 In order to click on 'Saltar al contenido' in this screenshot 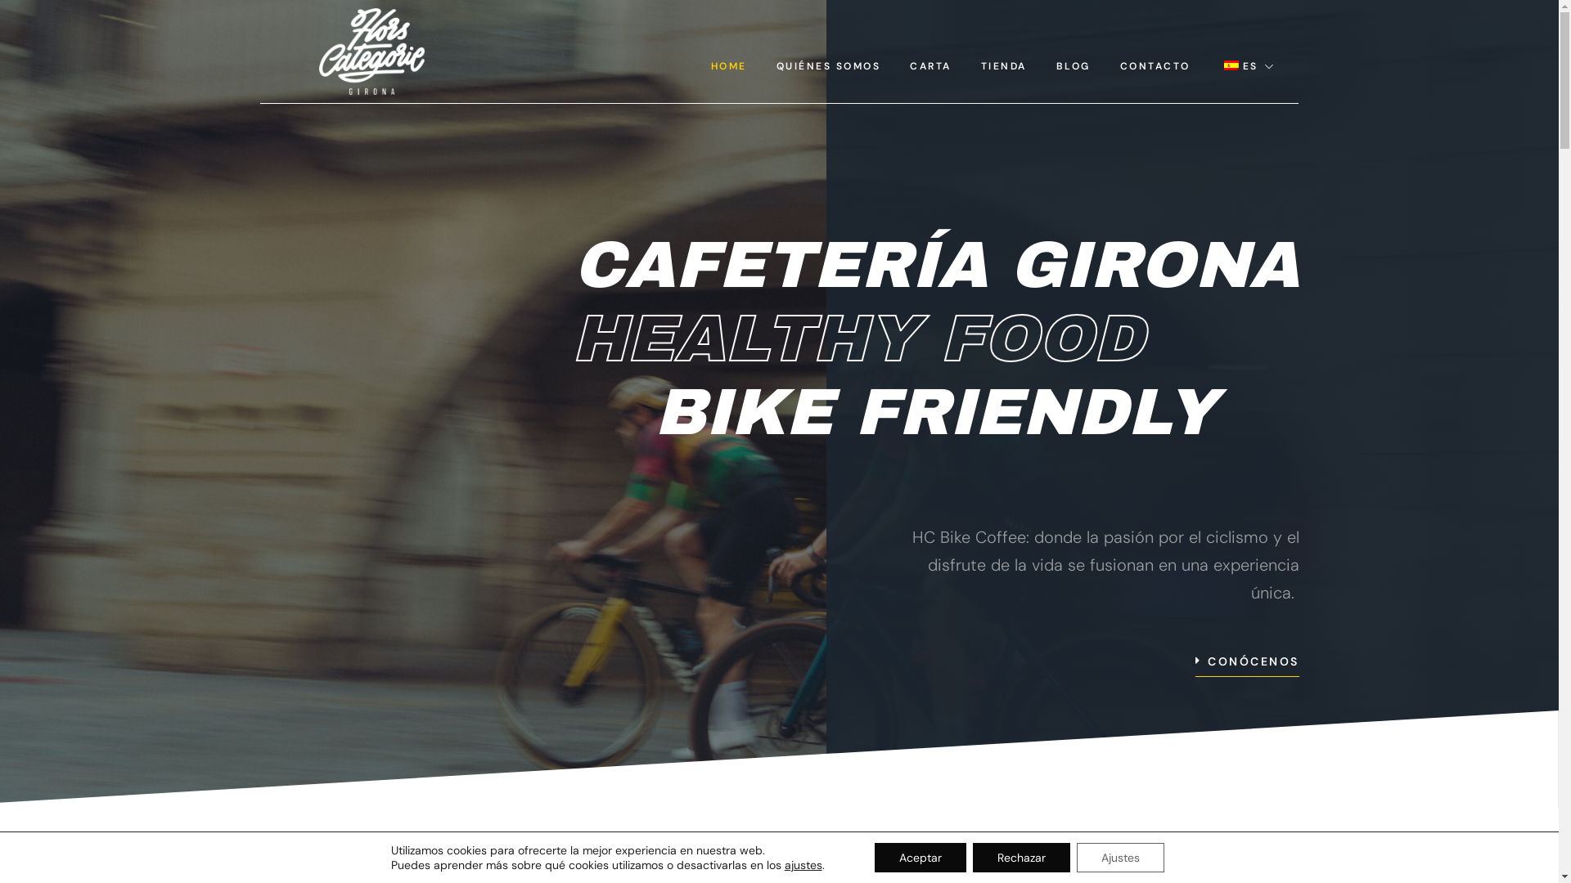, I will do `click(11, 34)`.